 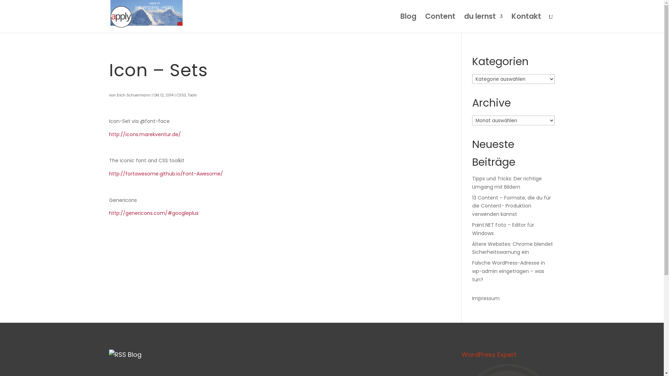 I want to click on 'CSS3', so click(x=176, y=95).